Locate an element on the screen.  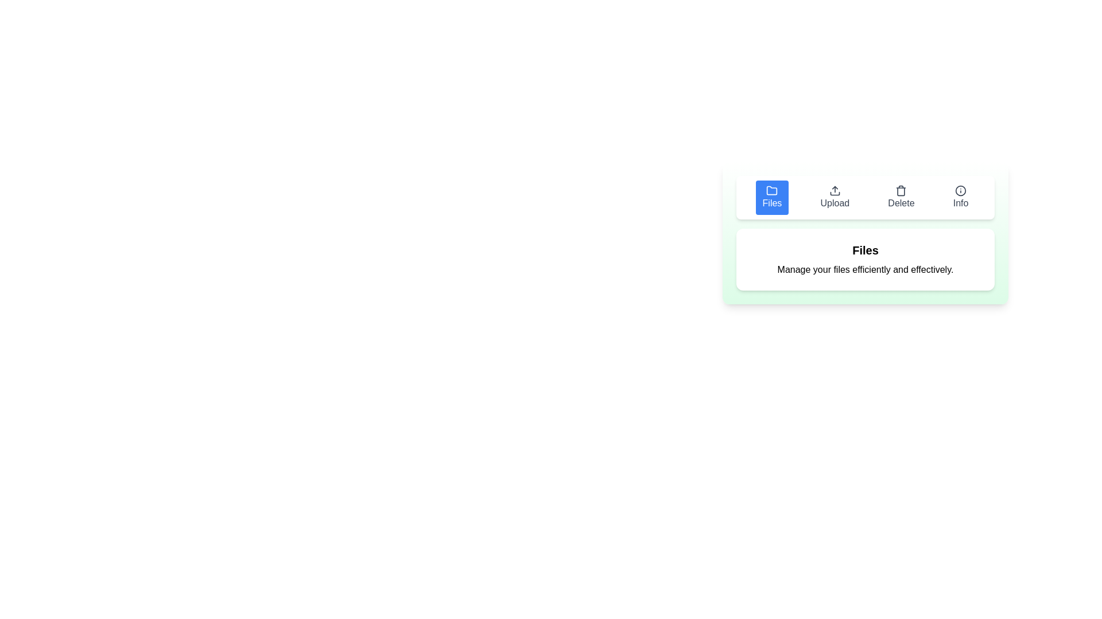
the tab button labeled Files to observe its hover effect is located at coordinates (772, 197).